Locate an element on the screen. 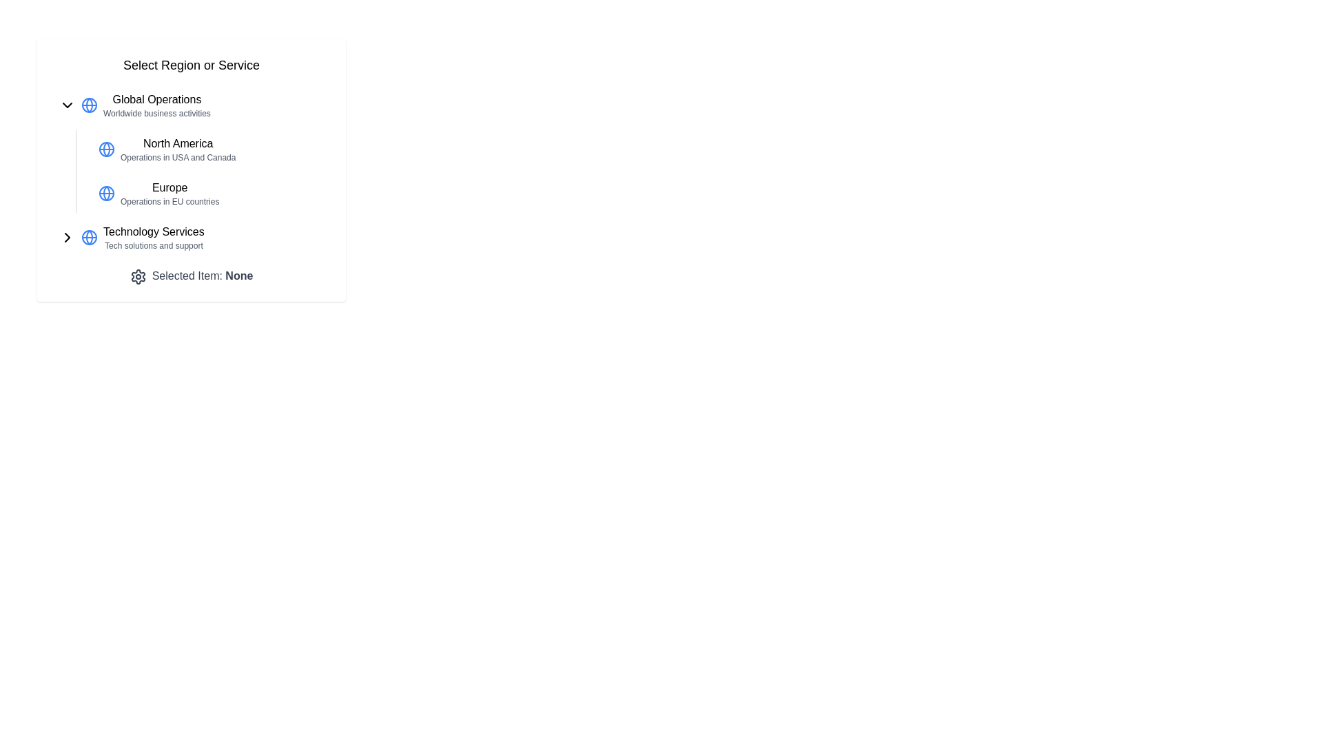  the text label representing a selectable menu item related to technology services, located below 'Global Operations,' 'North America,' and 'Europe' and to the right of the globe icon is located at coordinates (154, 236).